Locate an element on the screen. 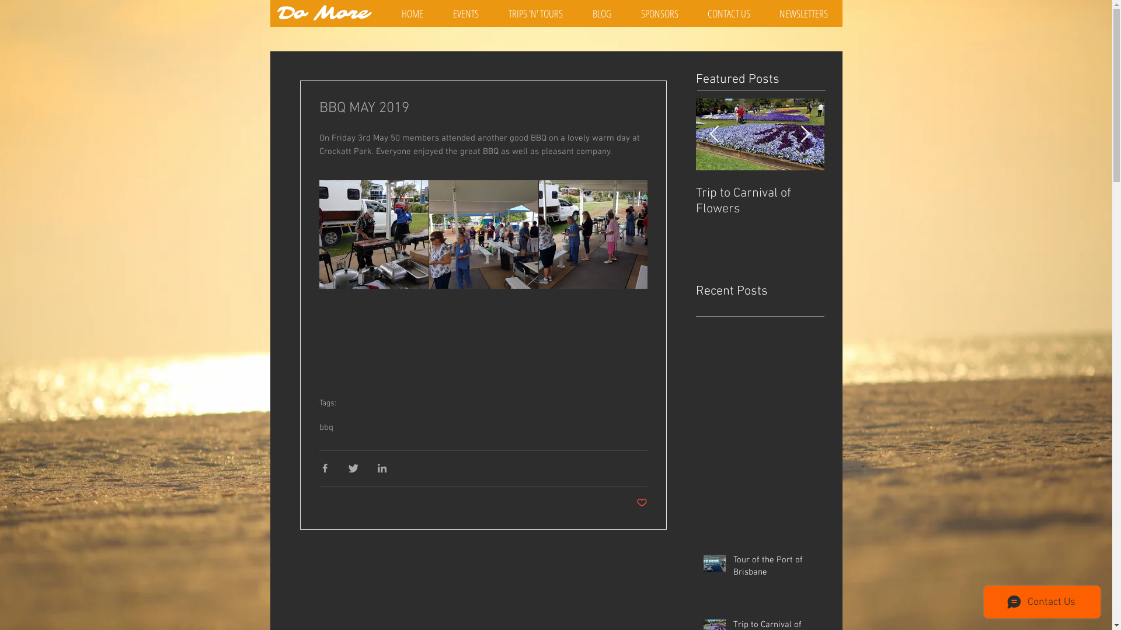 Image resolution: width=1121 pixels, height=630 pixels. 'NEWSLETTERS' is located at coordinates (803, 13).